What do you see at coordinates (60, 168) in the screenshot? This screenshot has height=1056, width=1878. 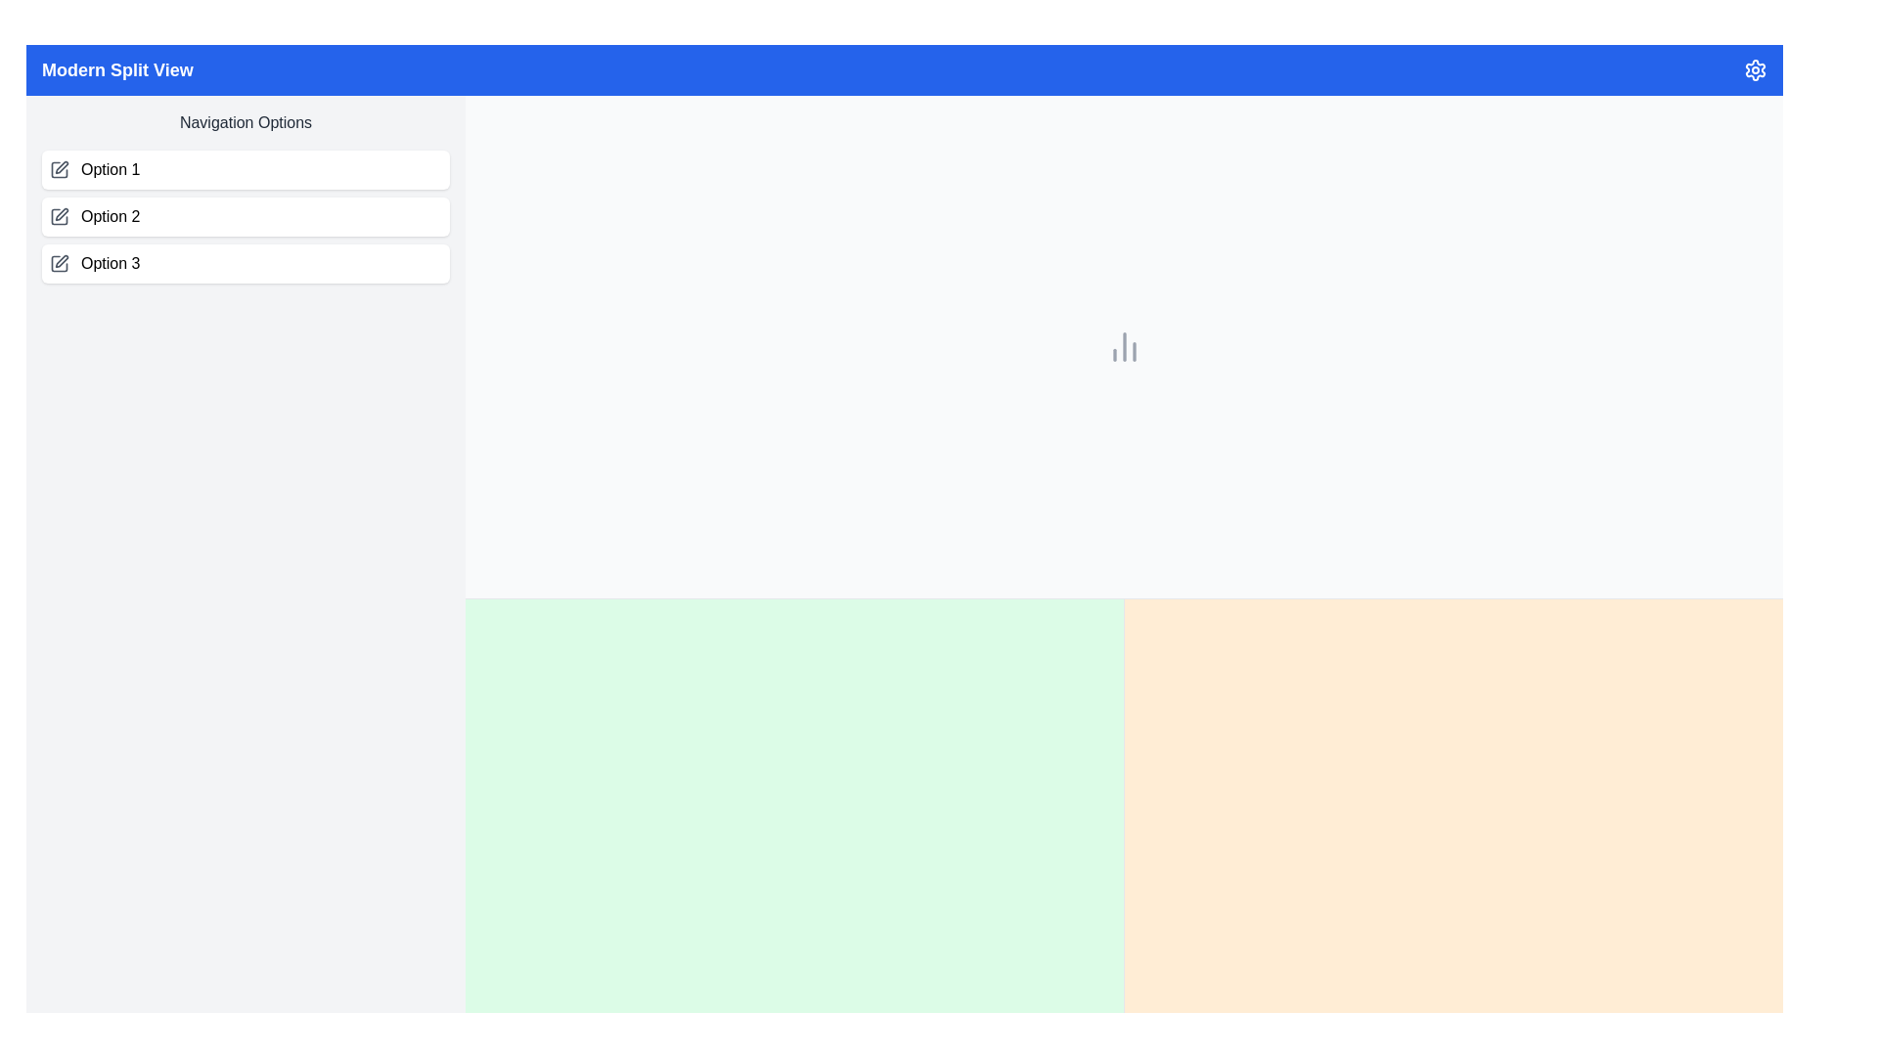 I see `the SVG icon resembling a square with a pencil inside, located beside the text 'Option 1' in the sidebar navigation menu` at bounding box center [60, 168].